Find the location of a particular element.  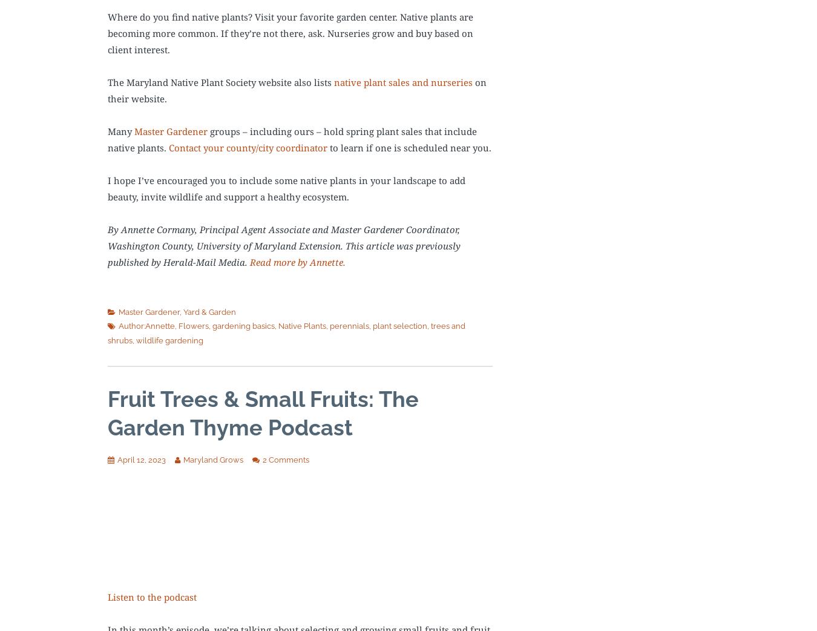

'Read more by Annette.' is located at coordinates (249, 261).